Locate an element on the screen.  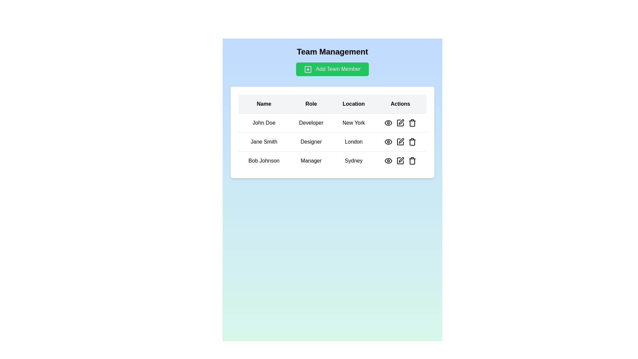
the 'Team Management' text label, which is styled with a bold, extra-large font on a light blue background and serves as the title of the section is located at coordinates (332, 51).